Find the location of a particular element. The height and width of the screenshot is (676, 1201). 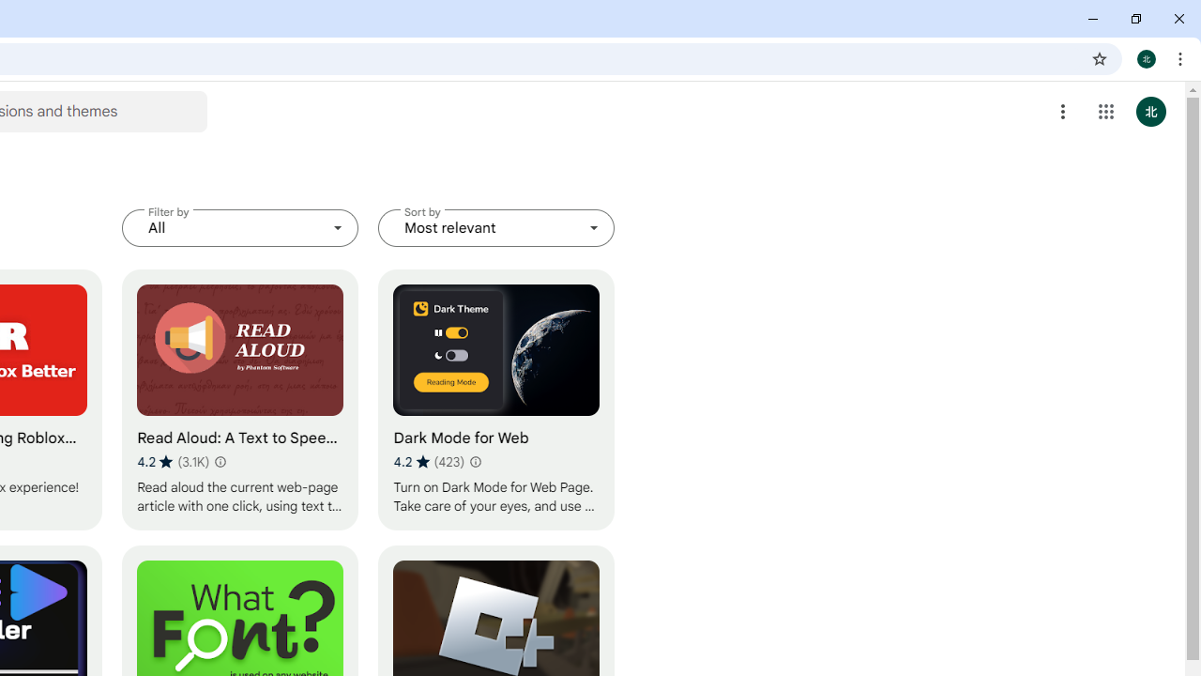

'Average rating 4.2 out of 5 stars. 423 ratings.' is located at coordinates (428, 461).